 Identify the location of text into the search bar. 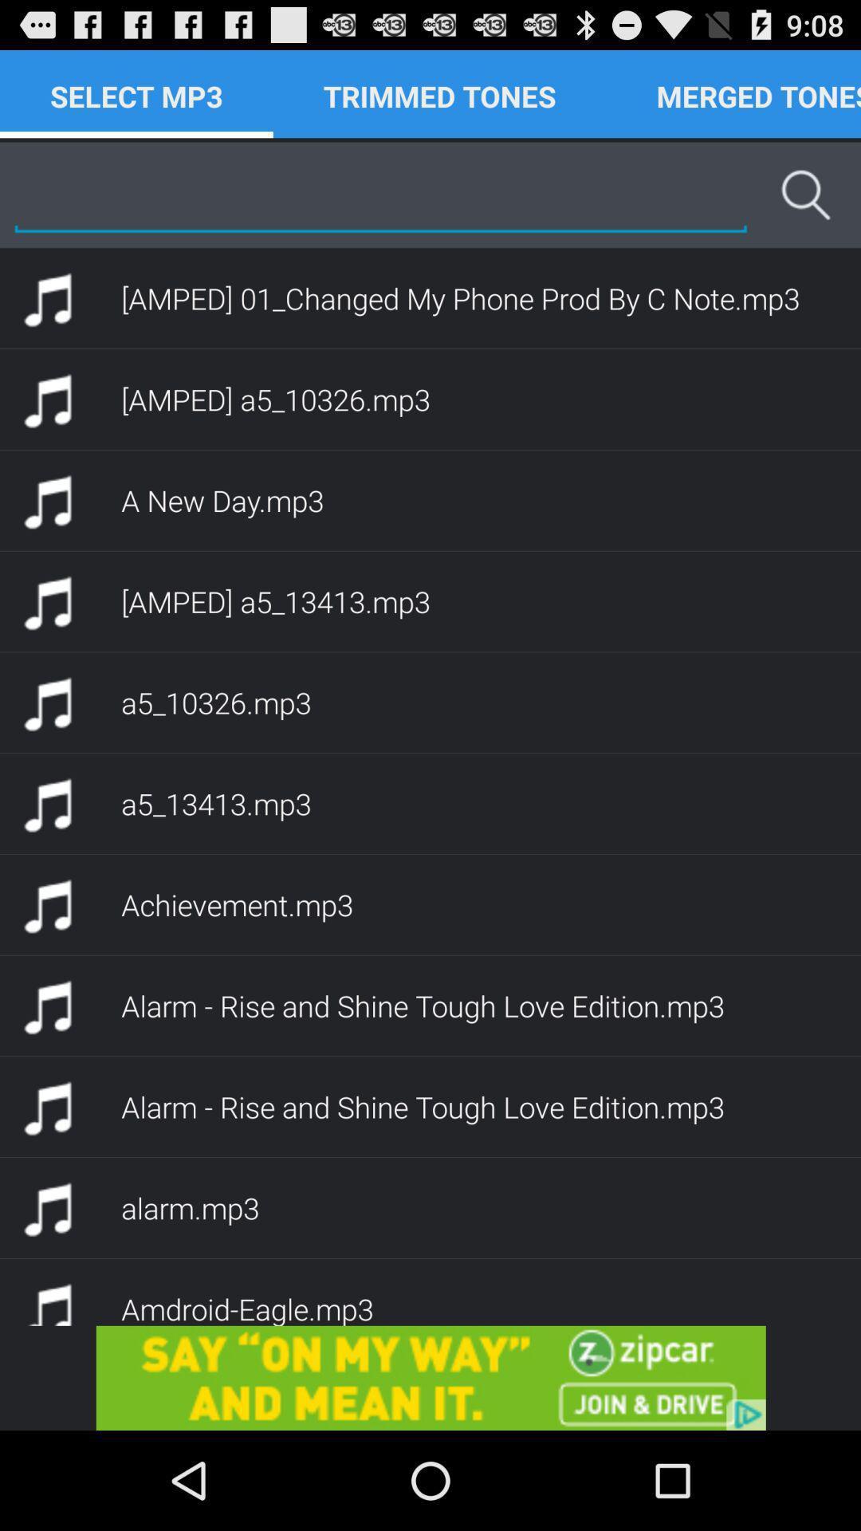
(380, 194).